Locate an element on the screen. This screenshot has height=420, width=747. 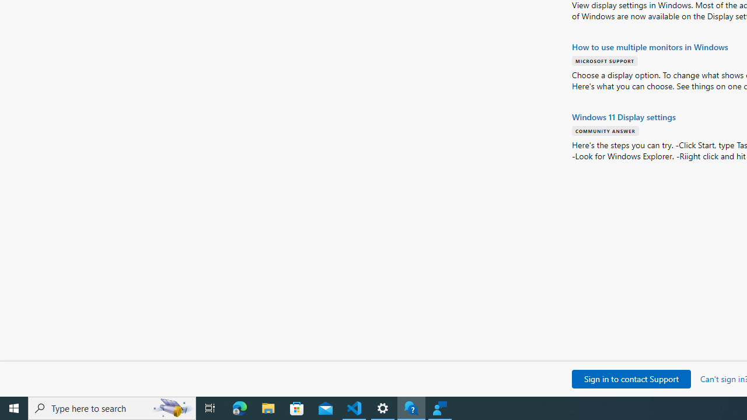
'Feedback Hub - 1 running window' is located at coordinates (439, 407).